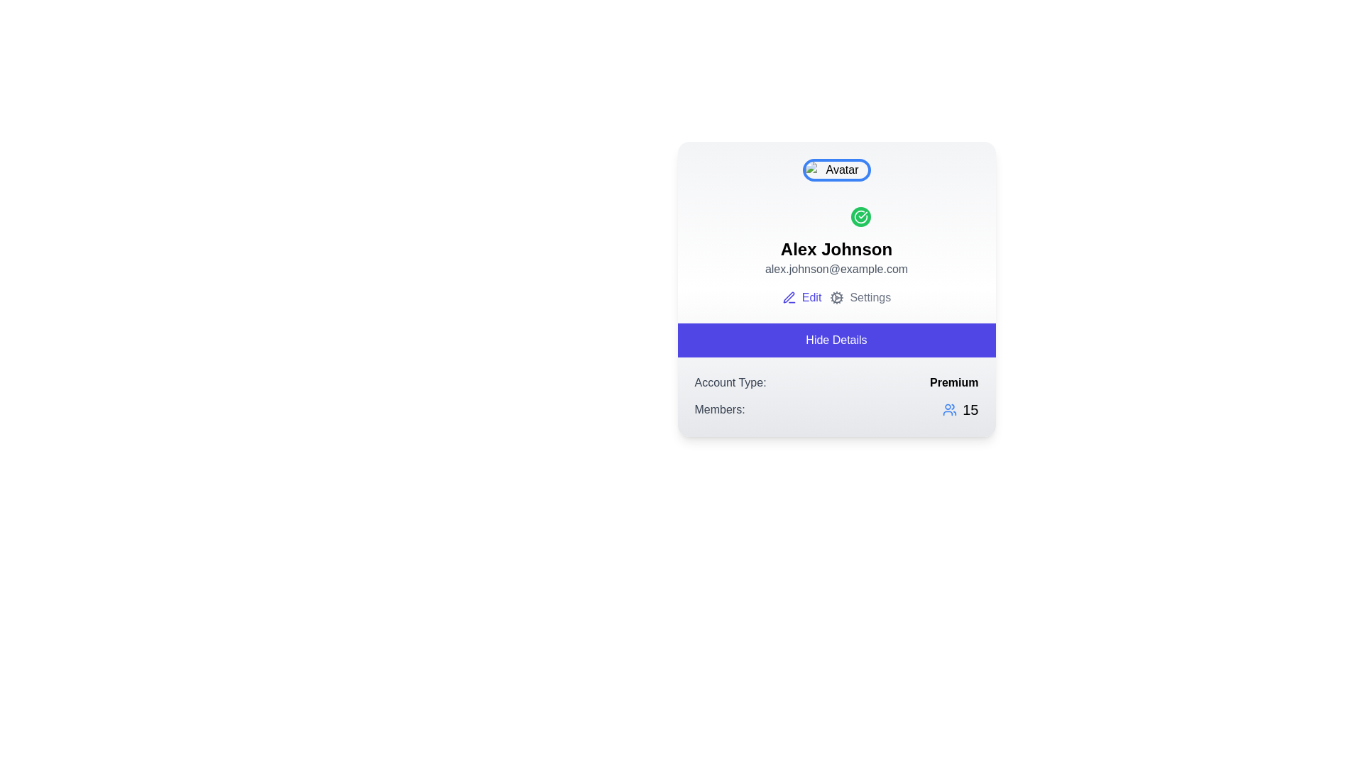 This screenshot has width=1363, height=766. What do you see at coordinates (954, 383) in the screenshot?
I see `the 'Premium' static text label that indicates the account type, positioned in the bottom section of the card, to the right of 'Account Type:' and above 'Members:' row` at bounding box center [954, 383].